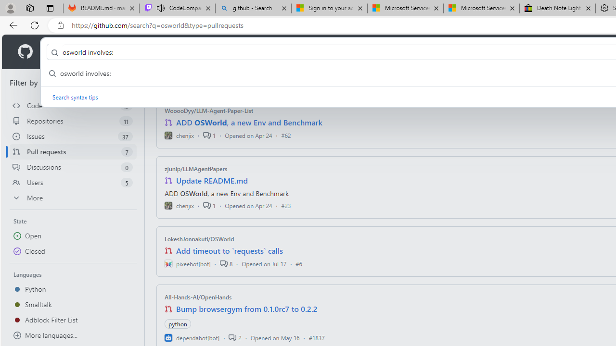 The image size is (616, 346). What do you see at coordinates (195, 168) in the screenshot?
I see `'zjunlp/LLMAgentPapers'` at bounding box center [195, 168].